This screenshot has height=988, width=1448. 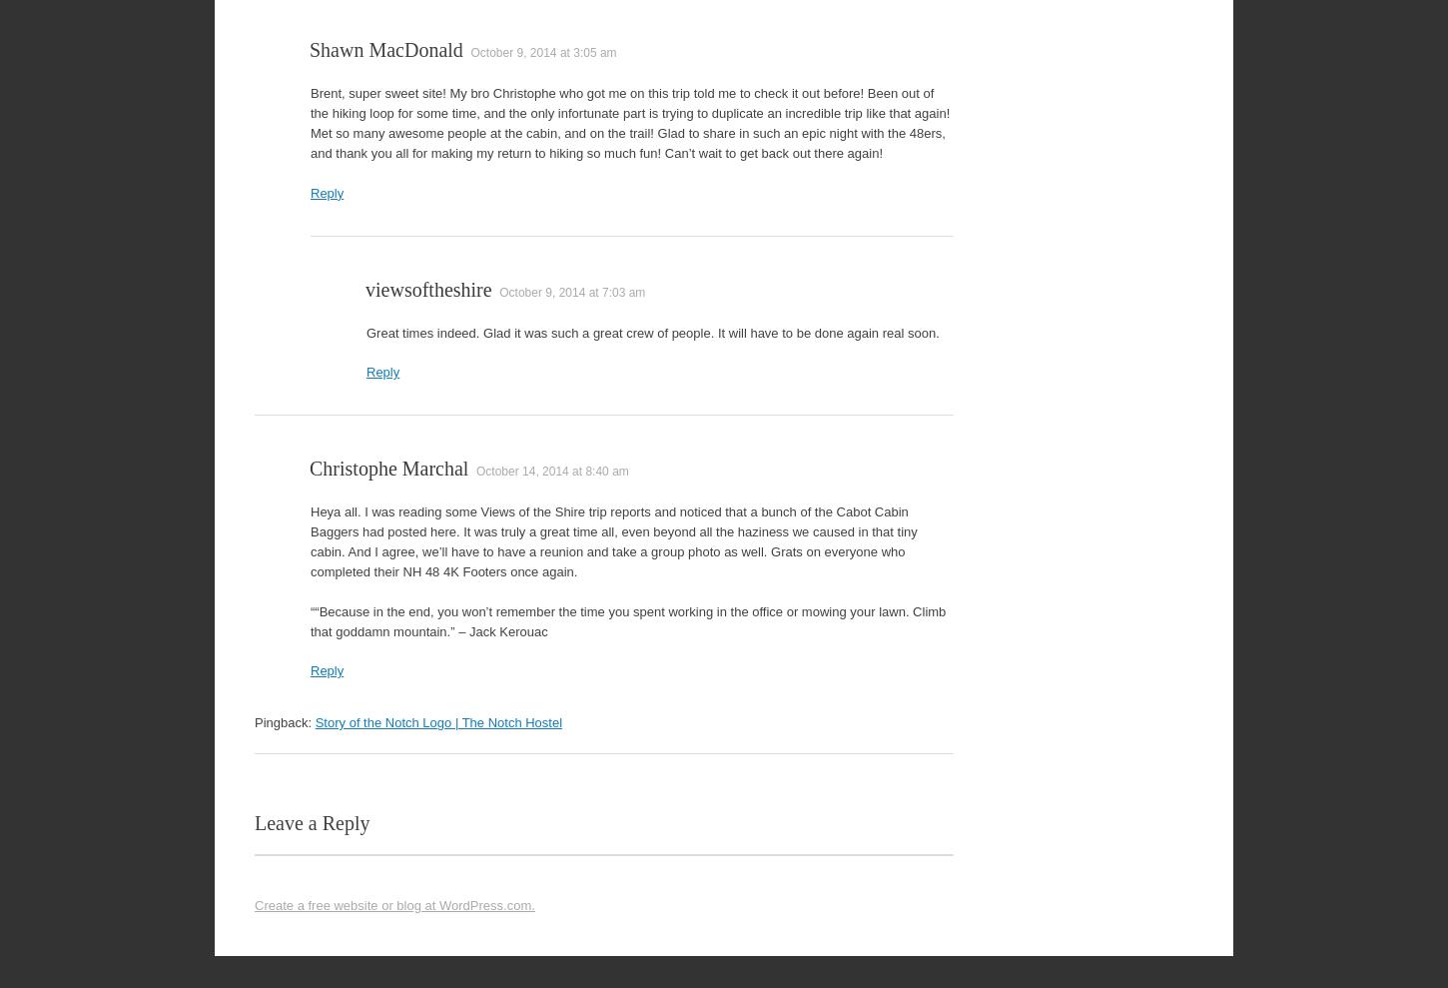 What do you see at coordinates (312, 821) in the screenshot?
I see `'Leave a Reply'` at bounding box center [312, 821].